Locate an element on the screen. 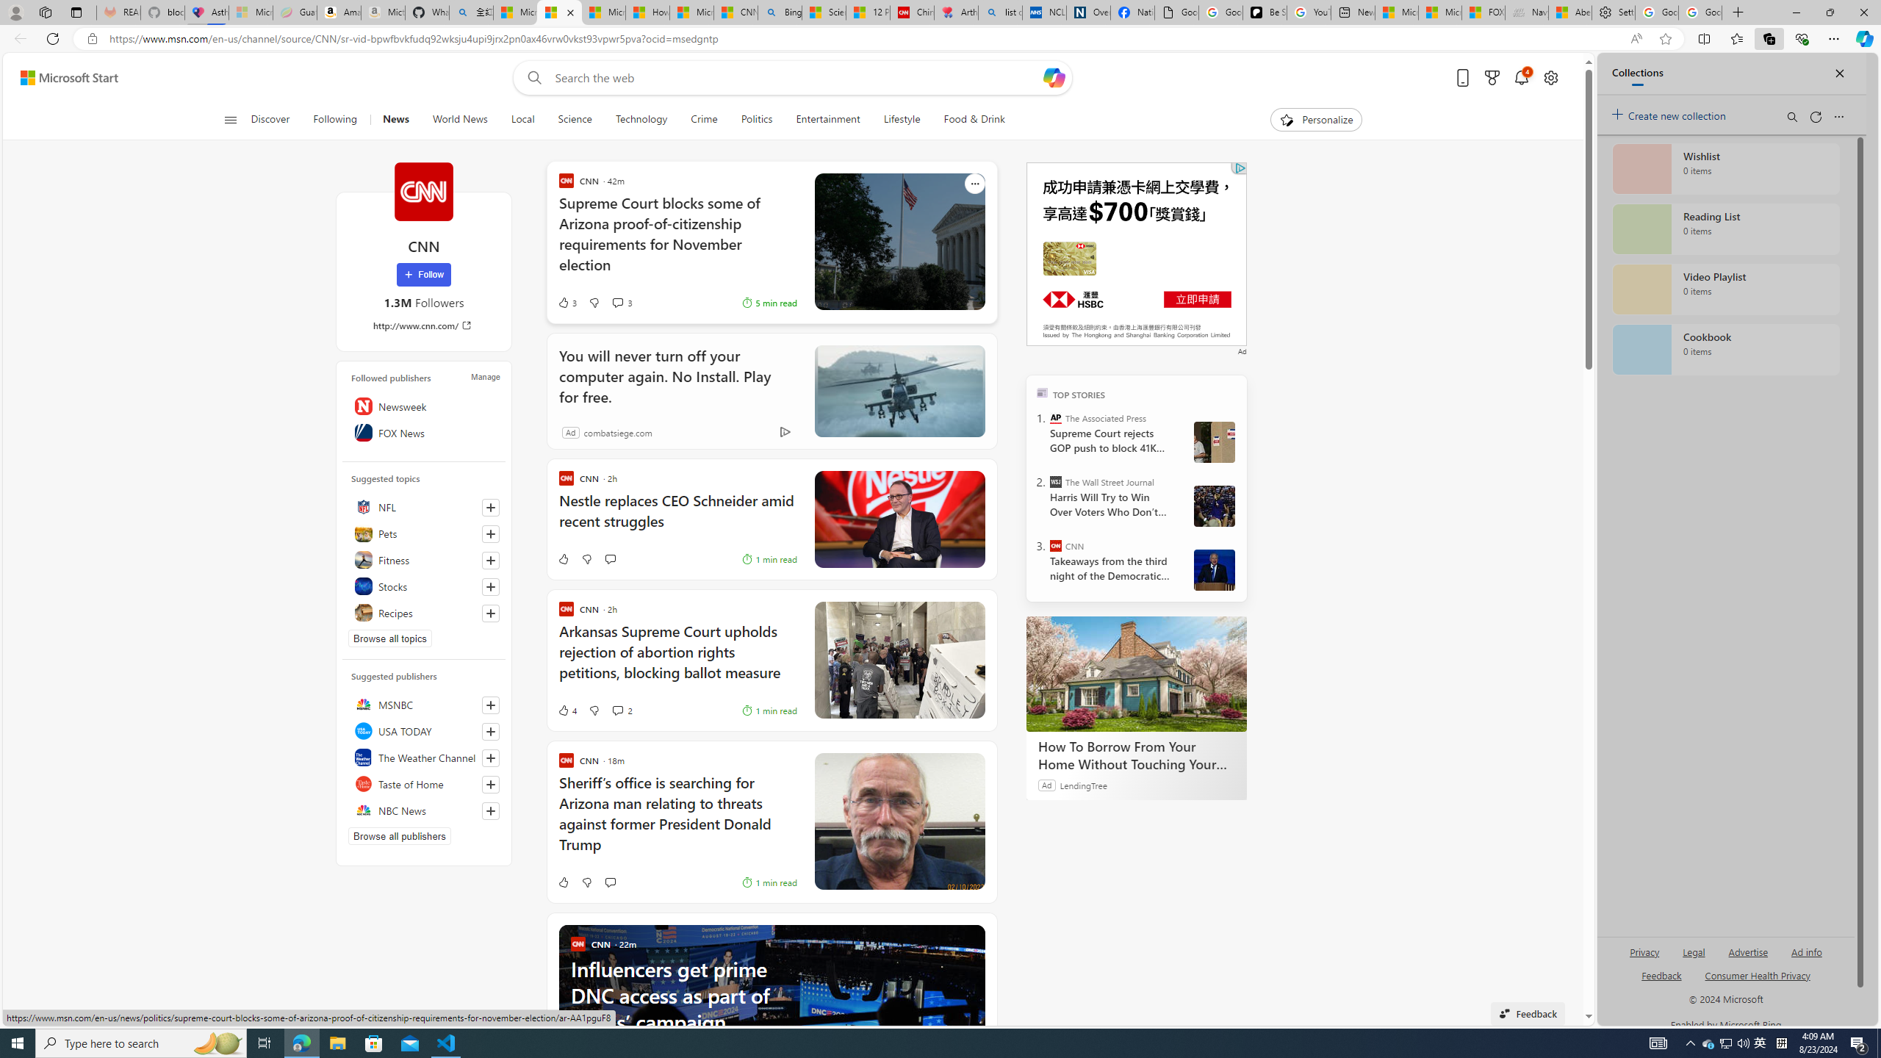  'Discover' is located at coordinates (269, 119).